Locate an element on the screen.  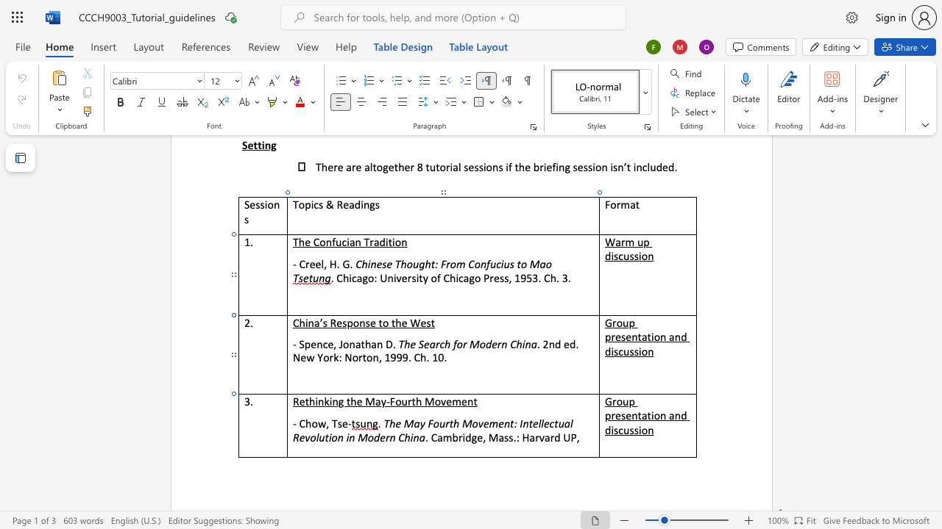
the space between the continuous character "M" and "a" in the text is located at coordinates (374, 401).